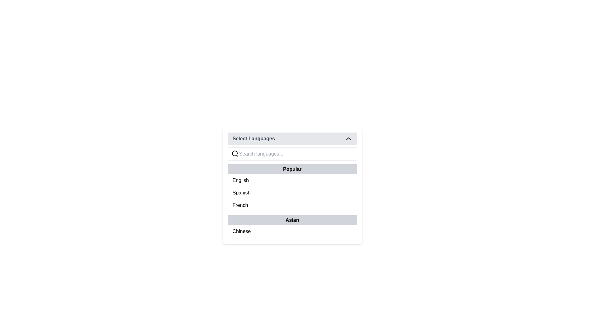  What do you see at coordinates (240, 205) in the screenshot?
I see `the 'French' text in the dropdown menu` at bounding box center [240, 205].